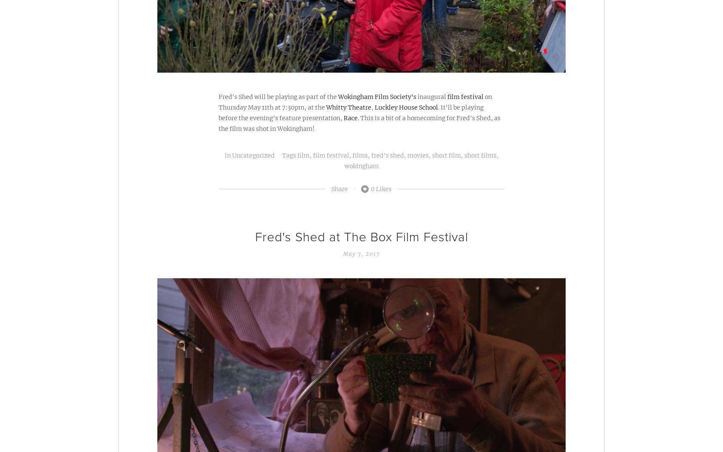 This screenshot has height=452, width=723. I want to click on '. It'll be playing before the evening's feature presentation,', so click(350, 112).